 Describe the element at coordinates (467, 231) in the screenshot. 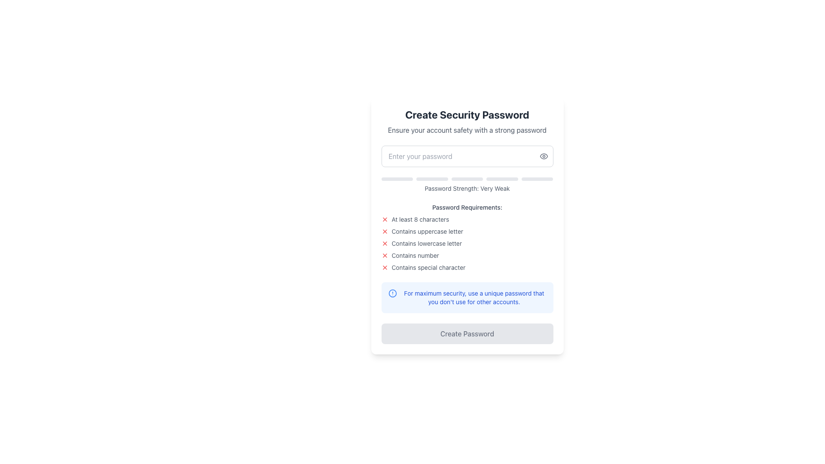

I see `the text element 'Contains uppercase letter' with a red crossed-out icon, which is the second item in the list of password requirements` at that location.